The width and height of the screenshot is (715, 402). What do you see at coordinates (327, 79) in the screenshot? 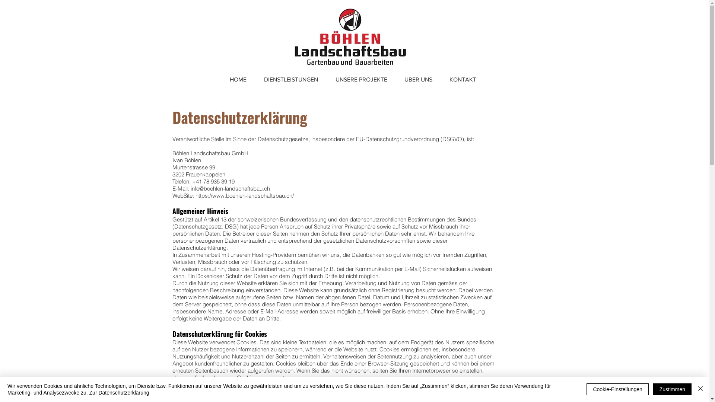
I see `'UNSERE PROJEKTE'` at bounding box center [327, 79].